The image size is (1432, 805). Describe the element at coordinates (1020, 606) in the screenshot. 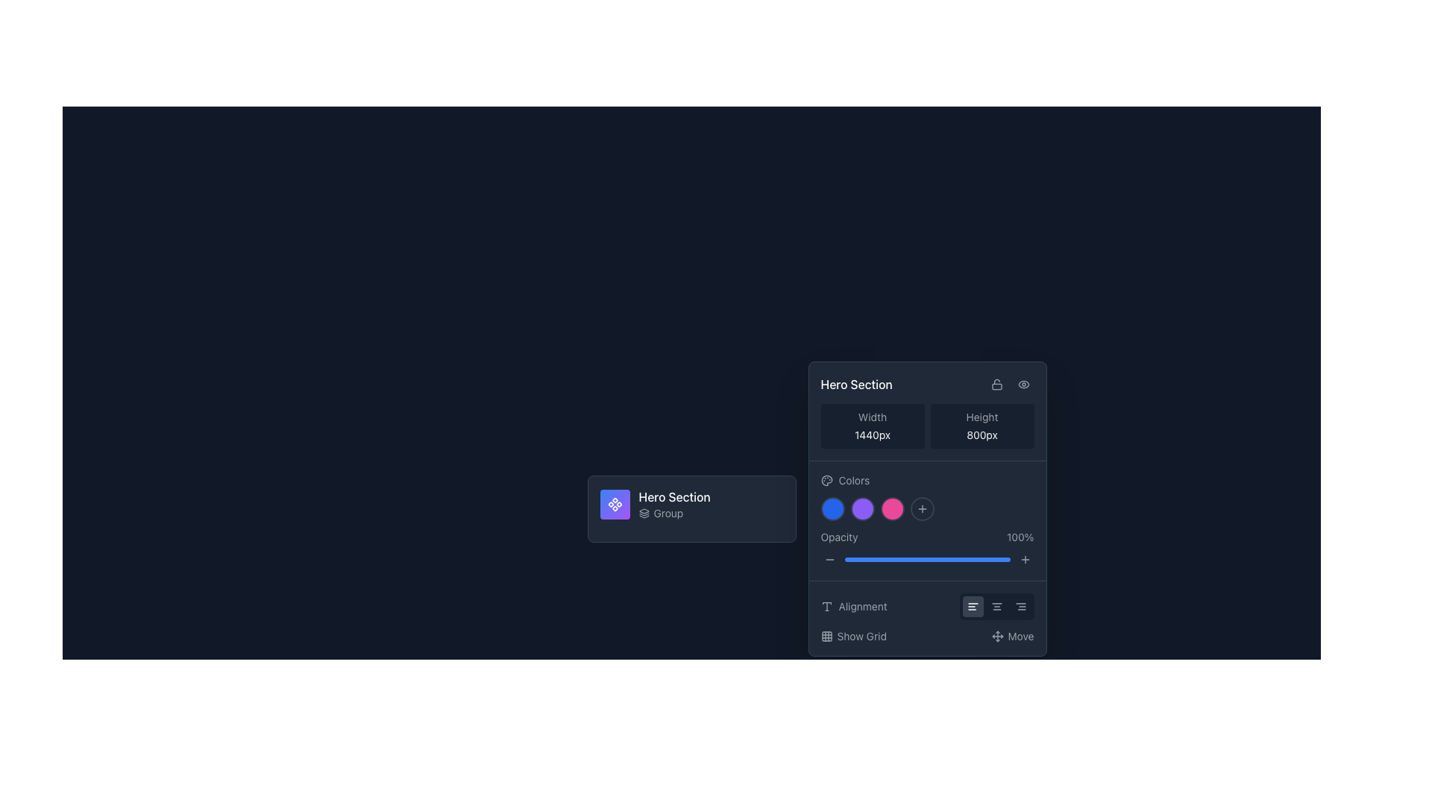

I see `the alignment button with an embedded icon located` at that location.